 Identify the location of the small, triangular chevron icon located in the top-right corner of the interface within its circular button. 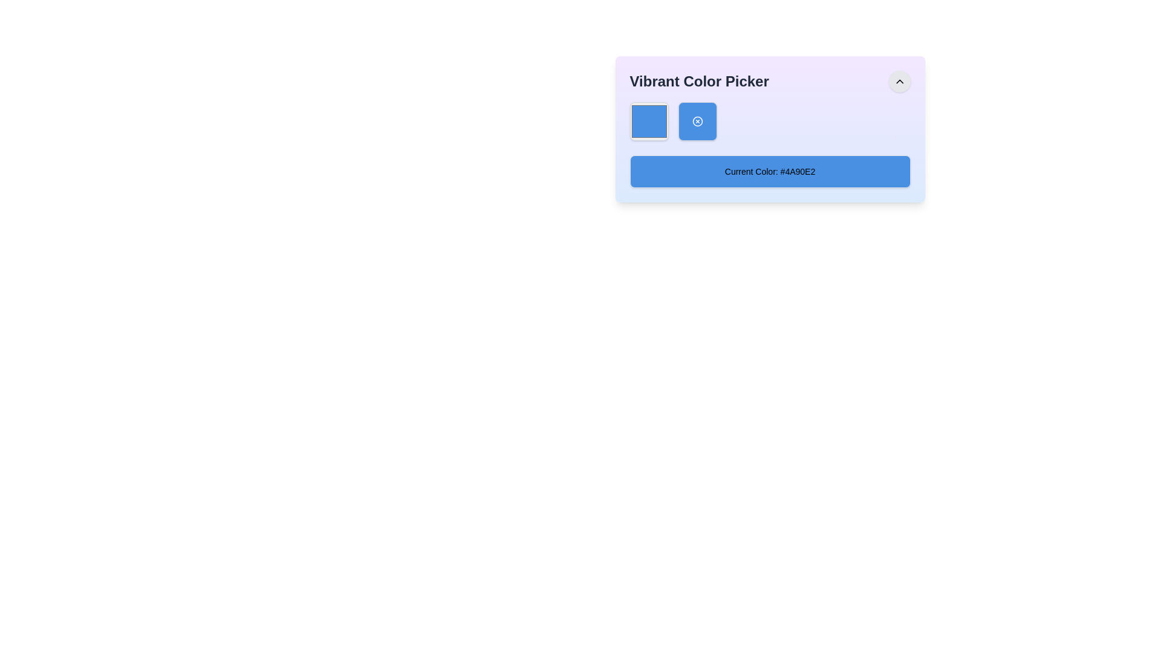
(899, 82).